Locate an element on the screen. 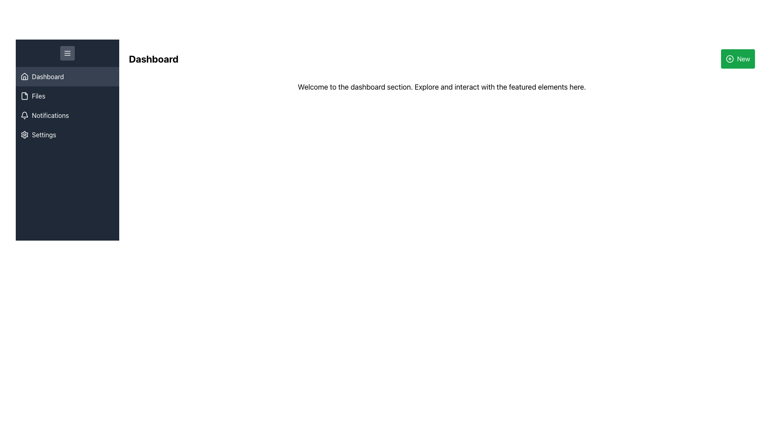 This screenshot has height=436, width=776. the notification alert icon located is located at coordinates (25, 114).